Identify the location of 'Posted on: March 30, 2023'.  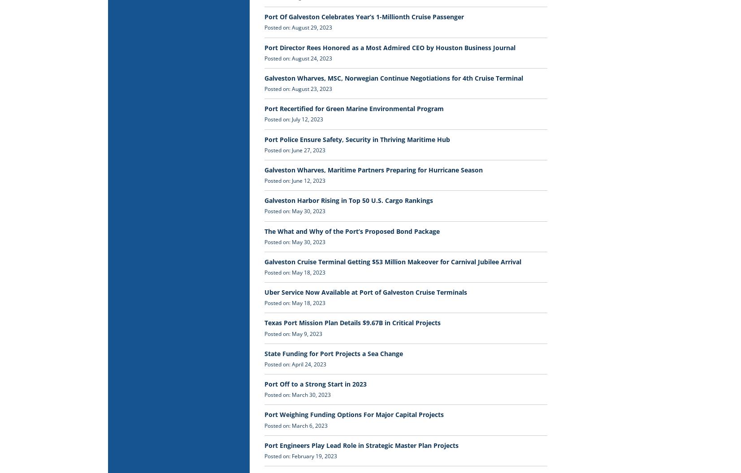
(297, 394).